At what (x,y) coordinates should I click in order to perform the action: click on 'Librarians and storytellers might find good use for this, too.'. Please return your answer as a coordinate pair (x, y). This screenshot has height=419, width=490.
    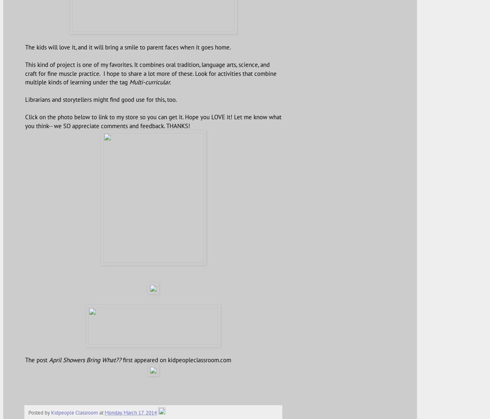
    Looking at the image, I should click on (101, 99).